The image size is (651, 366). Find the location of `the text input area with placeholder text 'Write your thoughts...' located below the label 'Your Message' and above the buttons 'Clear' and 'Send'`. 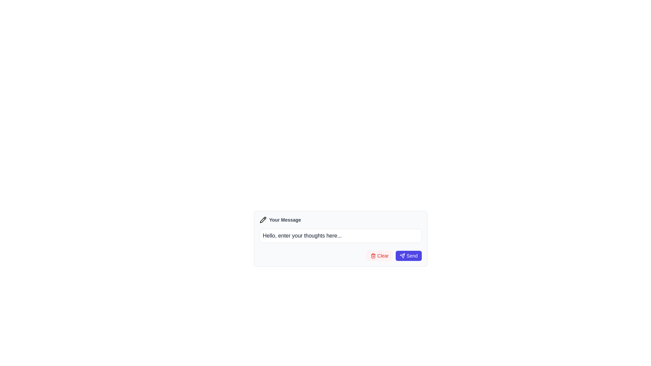

the text input area with placeholder text 'Write your thoughts...' located below the label 'Your Message' and above the buttons 'Clear' and 'Send' is located at coordinates (340, 235).